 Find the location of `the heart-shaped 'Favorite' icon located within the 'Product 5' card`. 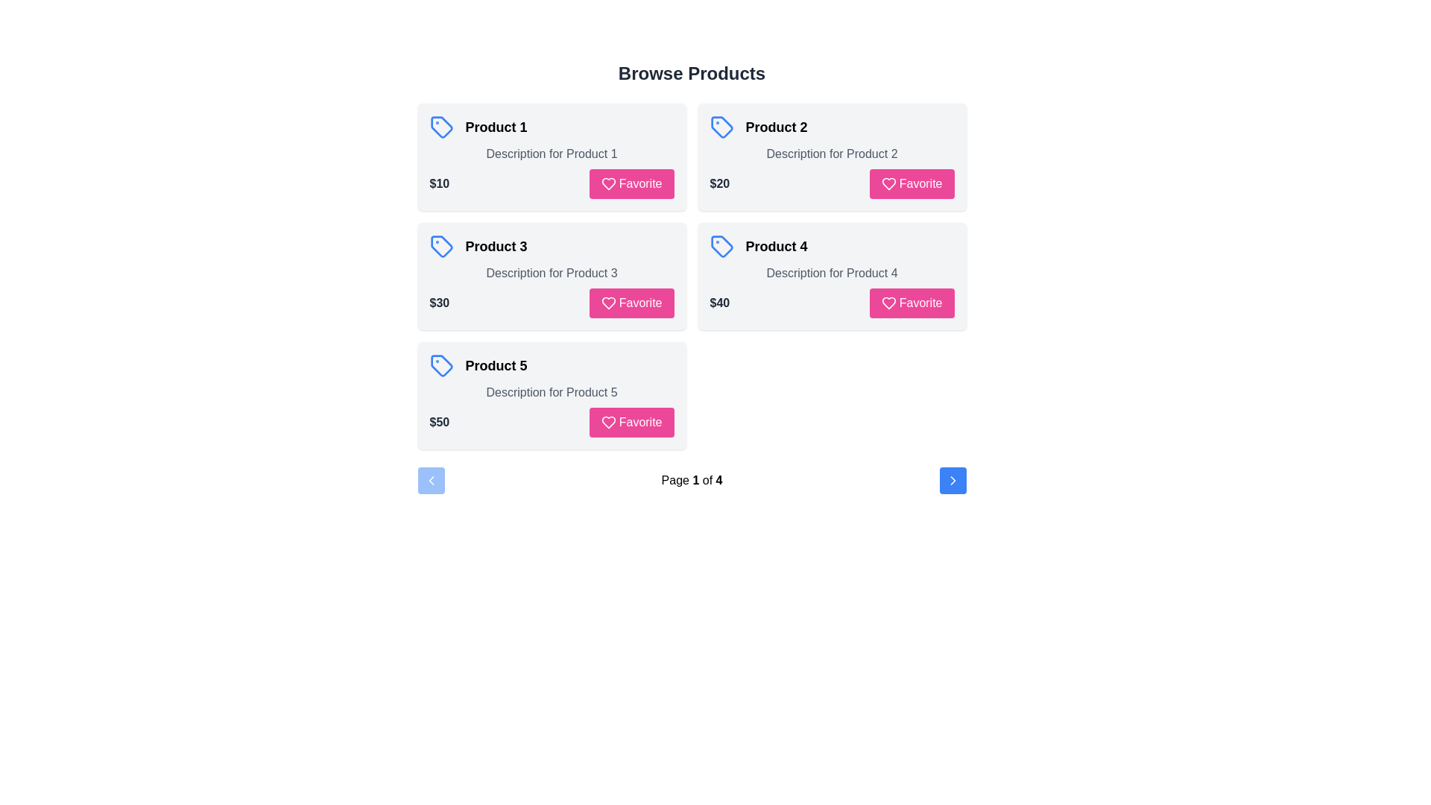

the heart-shaped 'Favorite' icon located within the 'Product 5' card is located at coordinates (608, 423).